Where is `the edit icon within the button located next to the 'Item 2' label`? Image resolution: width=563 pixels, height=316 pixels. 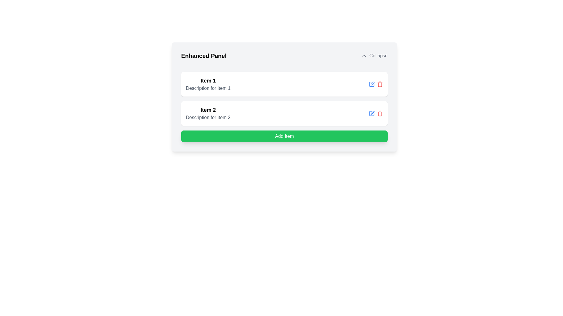 the edit icon within the button located next to the 'Item 2' label is located at coordinates (372, 113).